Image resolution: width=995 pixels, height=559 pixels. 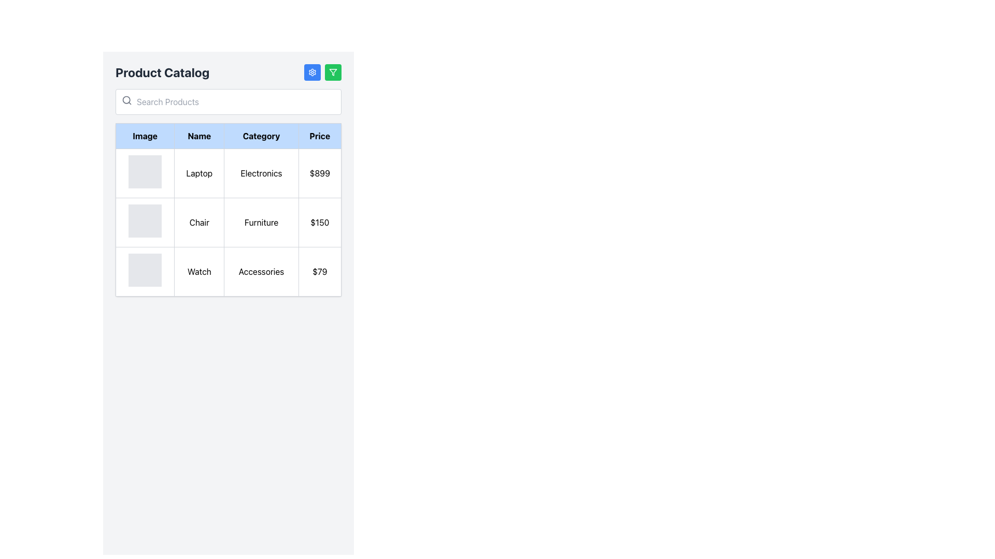 I want to click on the third column Table Header Cell in the table, which indicates the product categories and is located between the 'Name' and 'Price' columns, so click(x=261, y=135).